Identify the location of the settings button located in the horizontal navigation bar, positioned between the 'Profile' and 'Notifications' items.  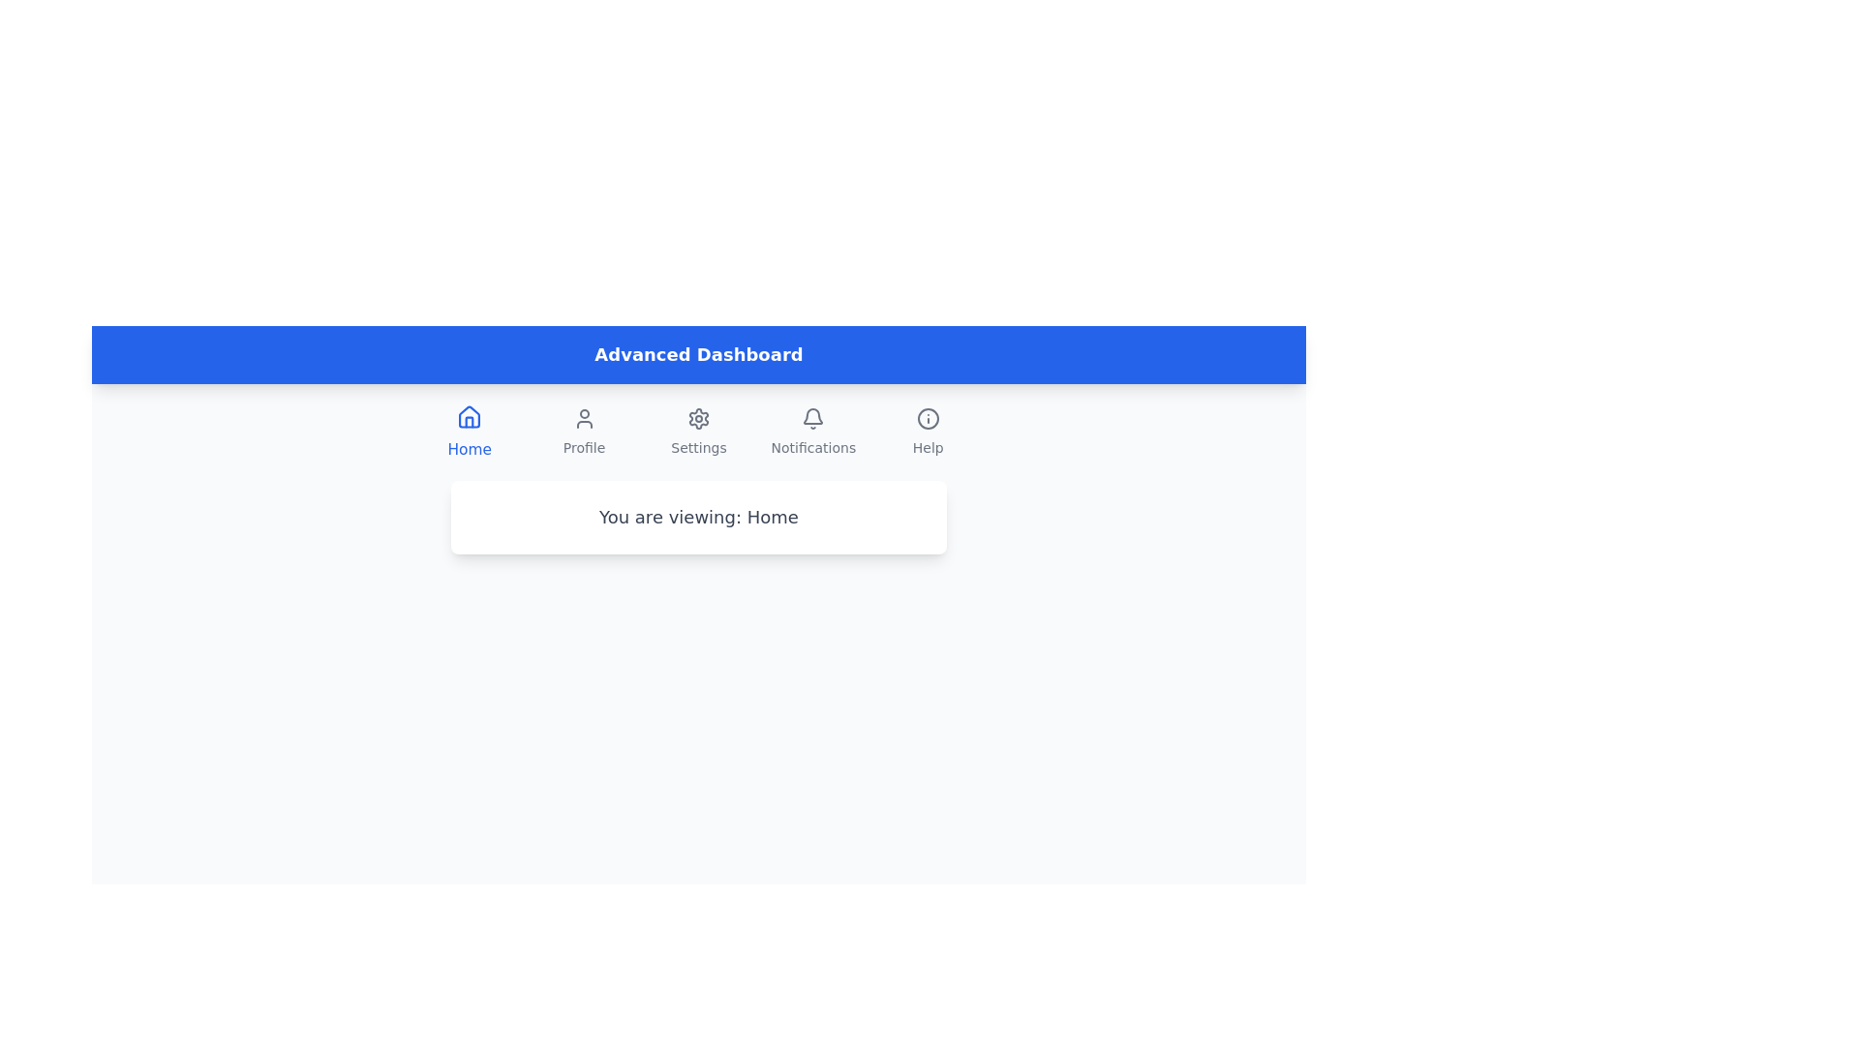
(697, 432).